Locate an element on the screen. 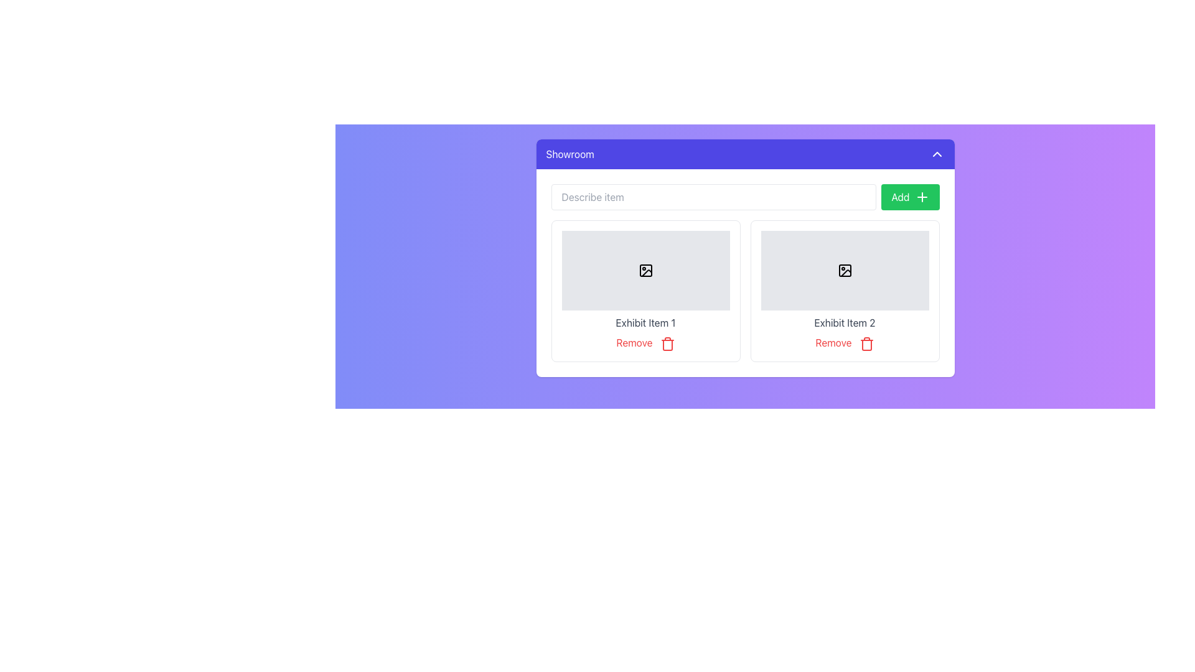 The height and width of the screenshot is (672, 1195). the static text label that reads 'Exhibit Item 1', which is styled in gray text and located below the image placeholder in the left card, within the 'Showroom' section, above the 'Remove' button is located at coordinates (645, 322).